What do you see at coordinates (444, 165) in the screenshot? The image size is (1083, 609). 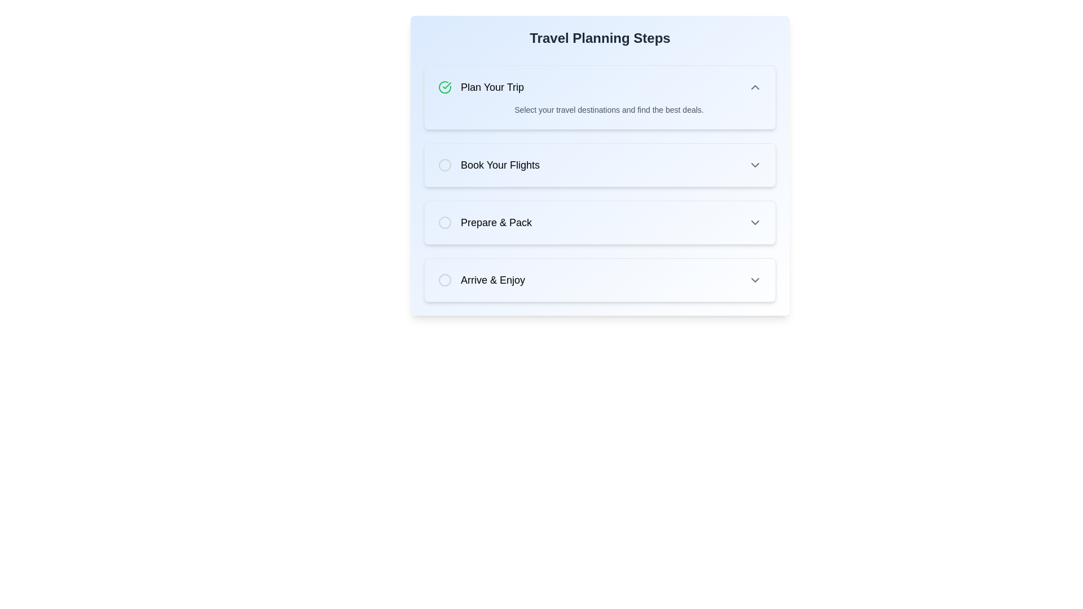 I see `the first circular icon in the 'Book Your Flights' section, which serves as a placeholder or symbol indicating a status or selectable point for user interaction` at bounding box center [444, 165].